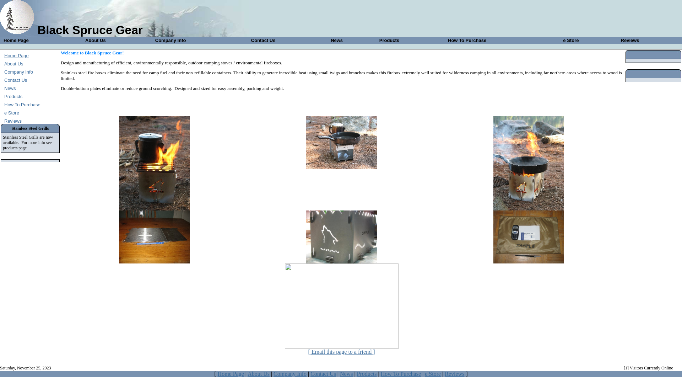 The width and height of the screenshot is (682, 384). What do you see at coordinates (22, 105) in the screenshot?
I see `'How To Purchase'` at bounding box center [22, 105].